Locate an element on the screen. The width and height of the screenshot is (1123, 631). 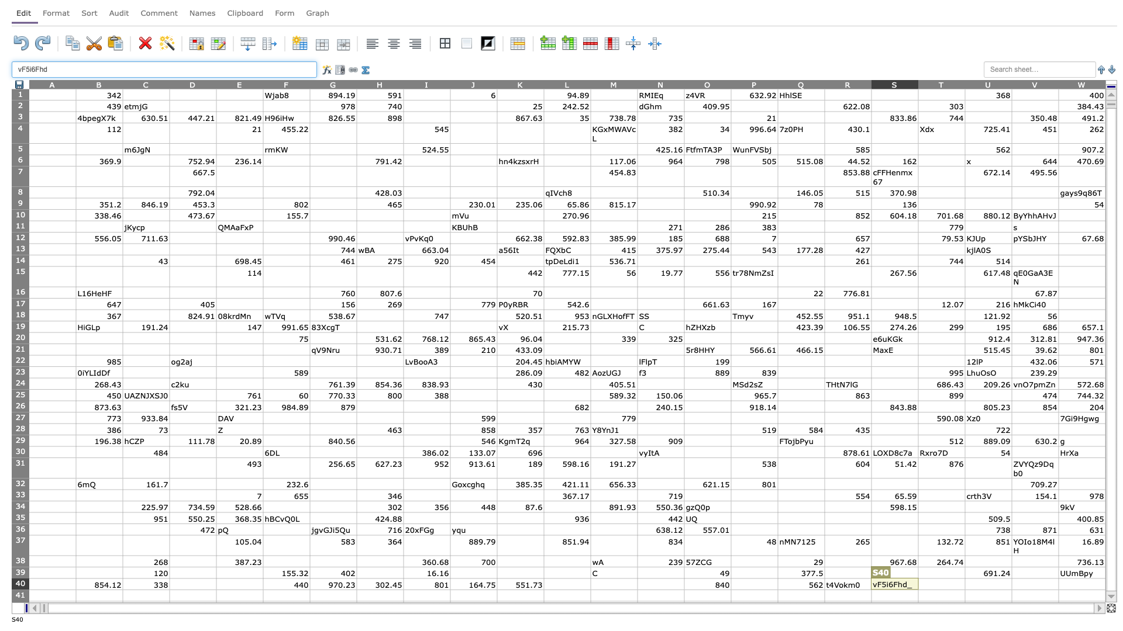
Left margin of T40 is located at coordinates (917, 584).